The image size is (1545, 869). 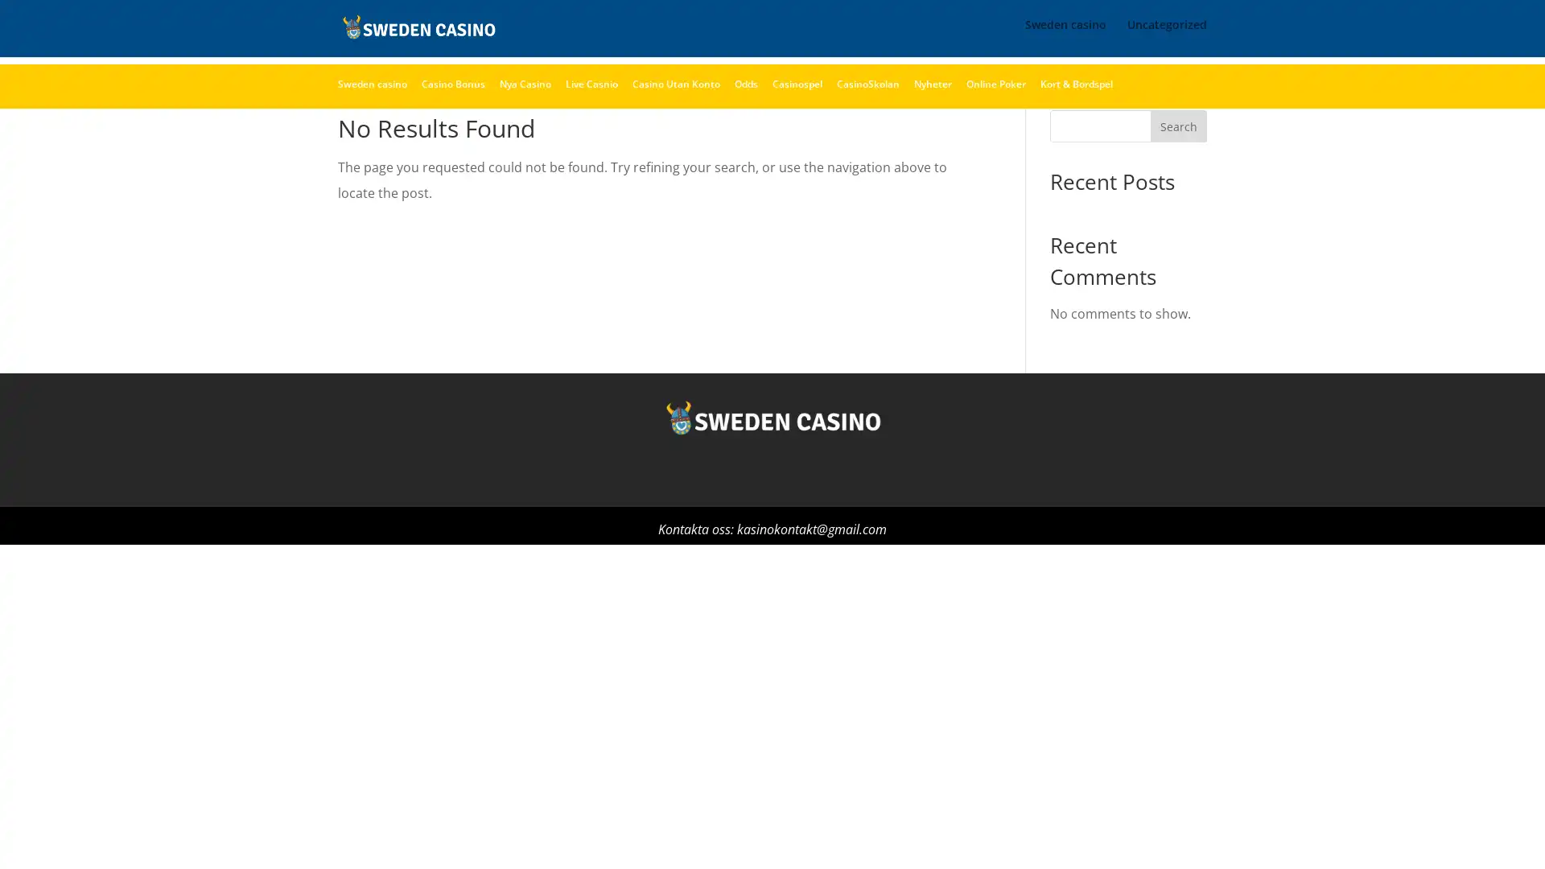 I want to click on Search, so click(x=1178, y=167).